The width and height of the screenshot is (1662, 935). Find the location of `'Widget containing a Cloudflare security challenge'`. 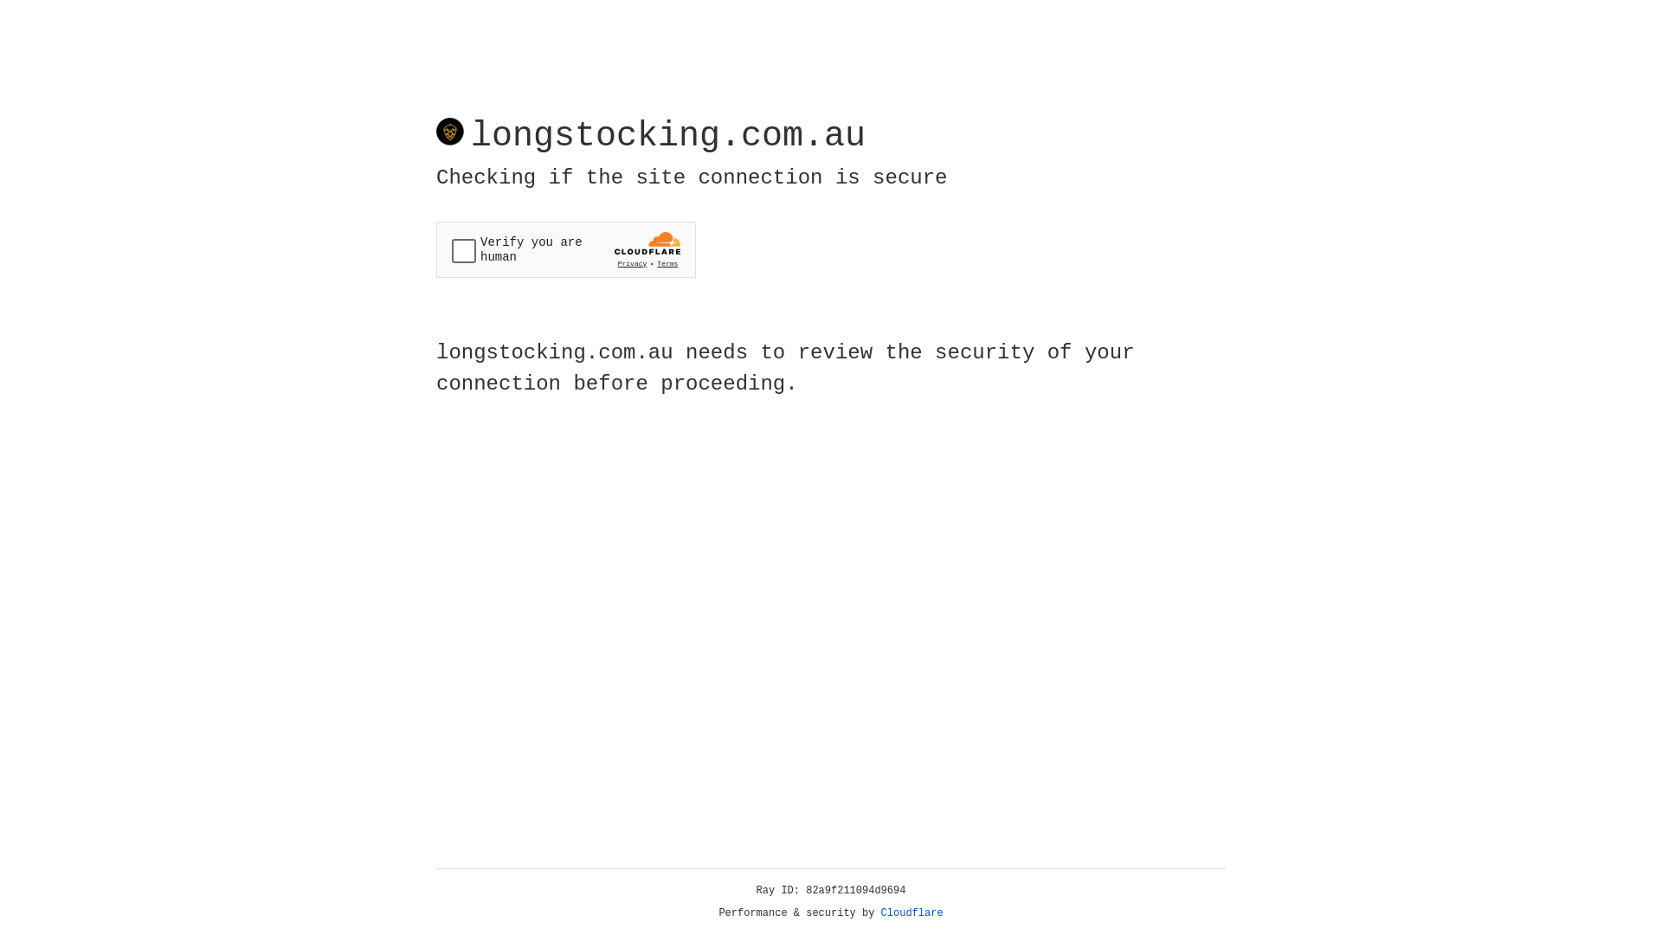

'Widget containing a Cloudflare security challenge' is located at coordinates (565, 249).